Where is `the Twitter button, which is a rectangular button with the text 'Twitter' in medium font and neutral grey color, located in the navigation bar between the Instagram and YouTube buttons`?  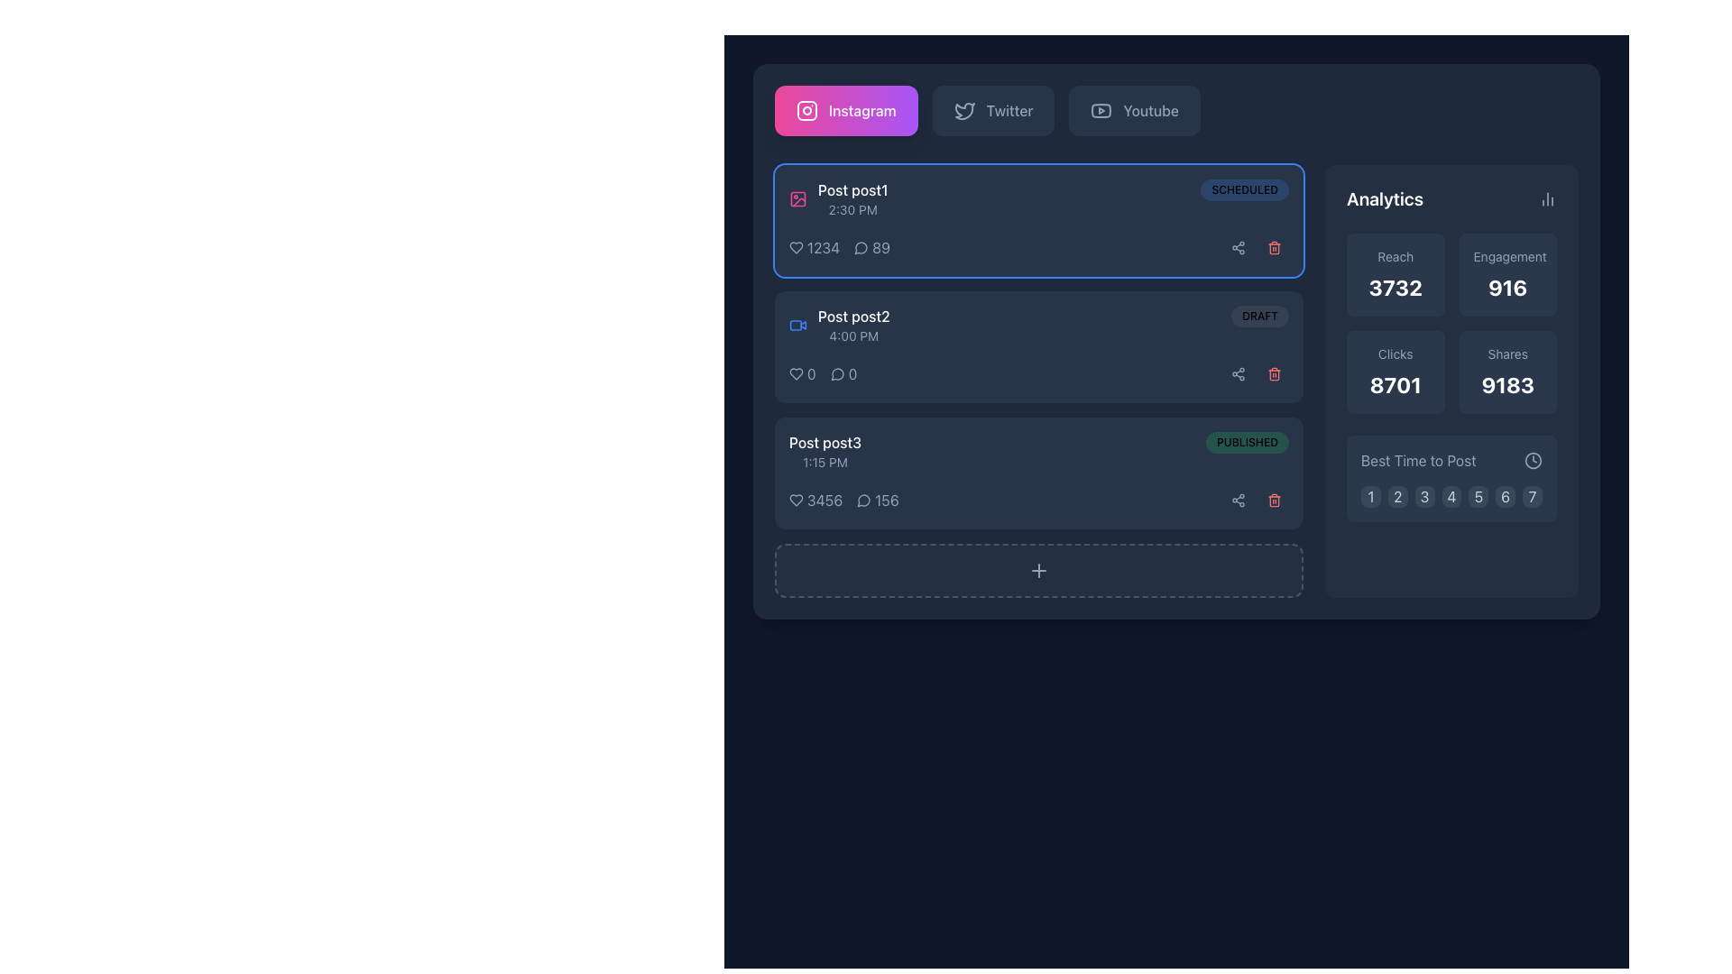
the Twitter button, which is a rectangular button with the text 'Twitter' in medium font and neutral grey color, located in the navigation bar between the Instagram and YouTube buttons is located at coordinates (1009, 111).